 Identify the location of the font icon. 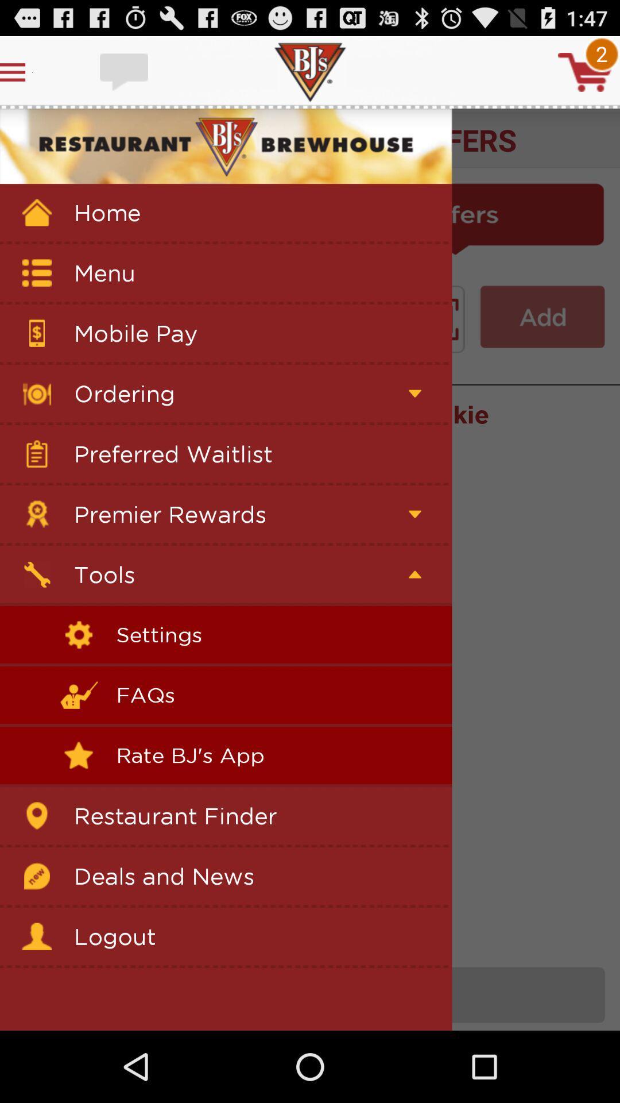
(542, 338).